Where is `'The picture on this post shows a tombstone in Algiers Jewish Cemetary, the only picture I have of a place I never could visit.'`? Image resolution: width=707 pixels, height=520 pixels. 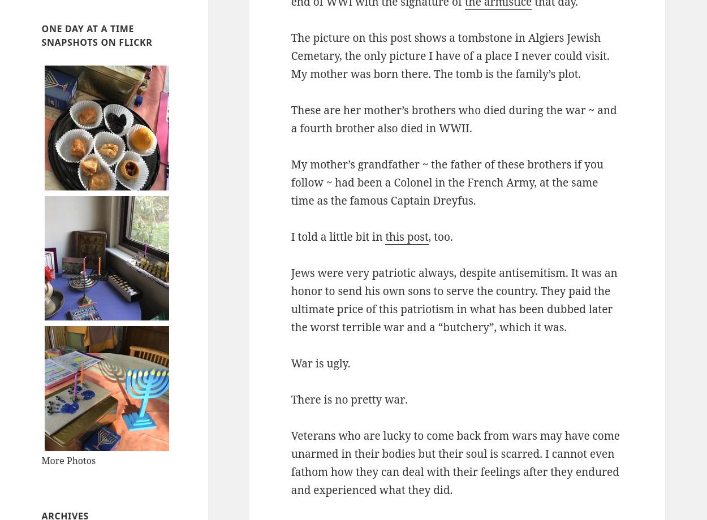
'The picture on this post shows a tombstone in Algiers Jewish Cemetary, the only picture I have of a place I never could visit.' is located at coordinates (450, 46).